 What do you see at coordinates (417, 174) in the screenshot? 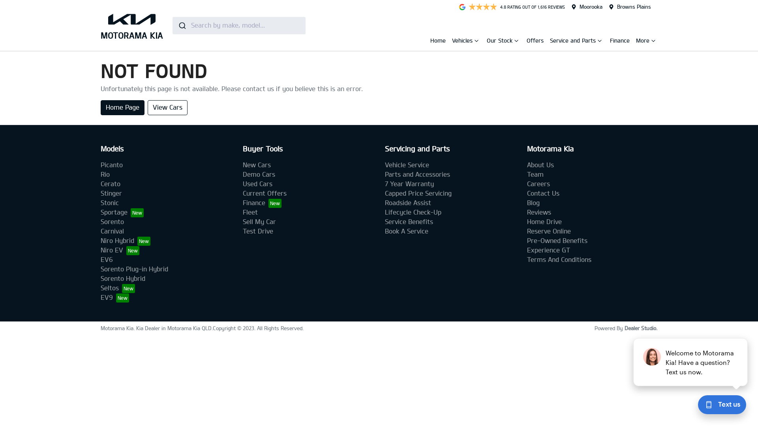
I see `'Parts and Accessories'` at bounding box center [417, 174].